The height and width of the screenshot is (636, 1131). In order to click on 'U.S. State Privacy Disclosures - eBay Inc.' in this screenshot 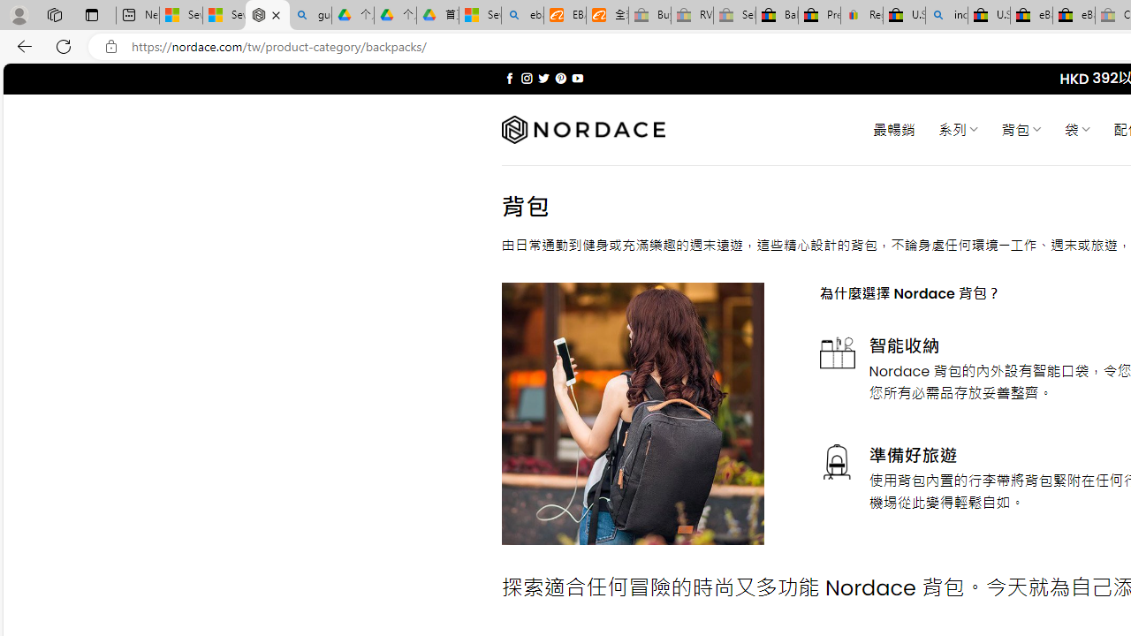, I will do `click(988, 15)`.